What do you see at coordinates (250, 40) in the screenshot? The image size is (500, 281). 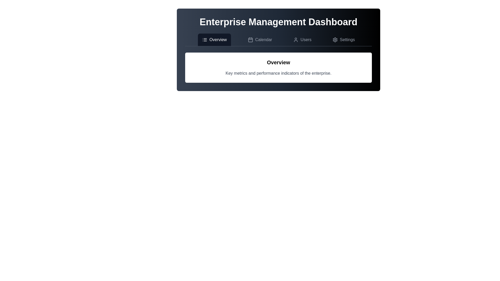 I see `the small calendar icon with a modern outline representation located on the dark navigation bar` at bounding box center [250, 40].